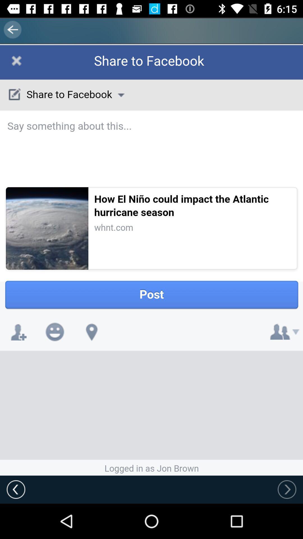  Describe the element at coordinates (287, 489) in the screenshot. I see `next page` at that location.